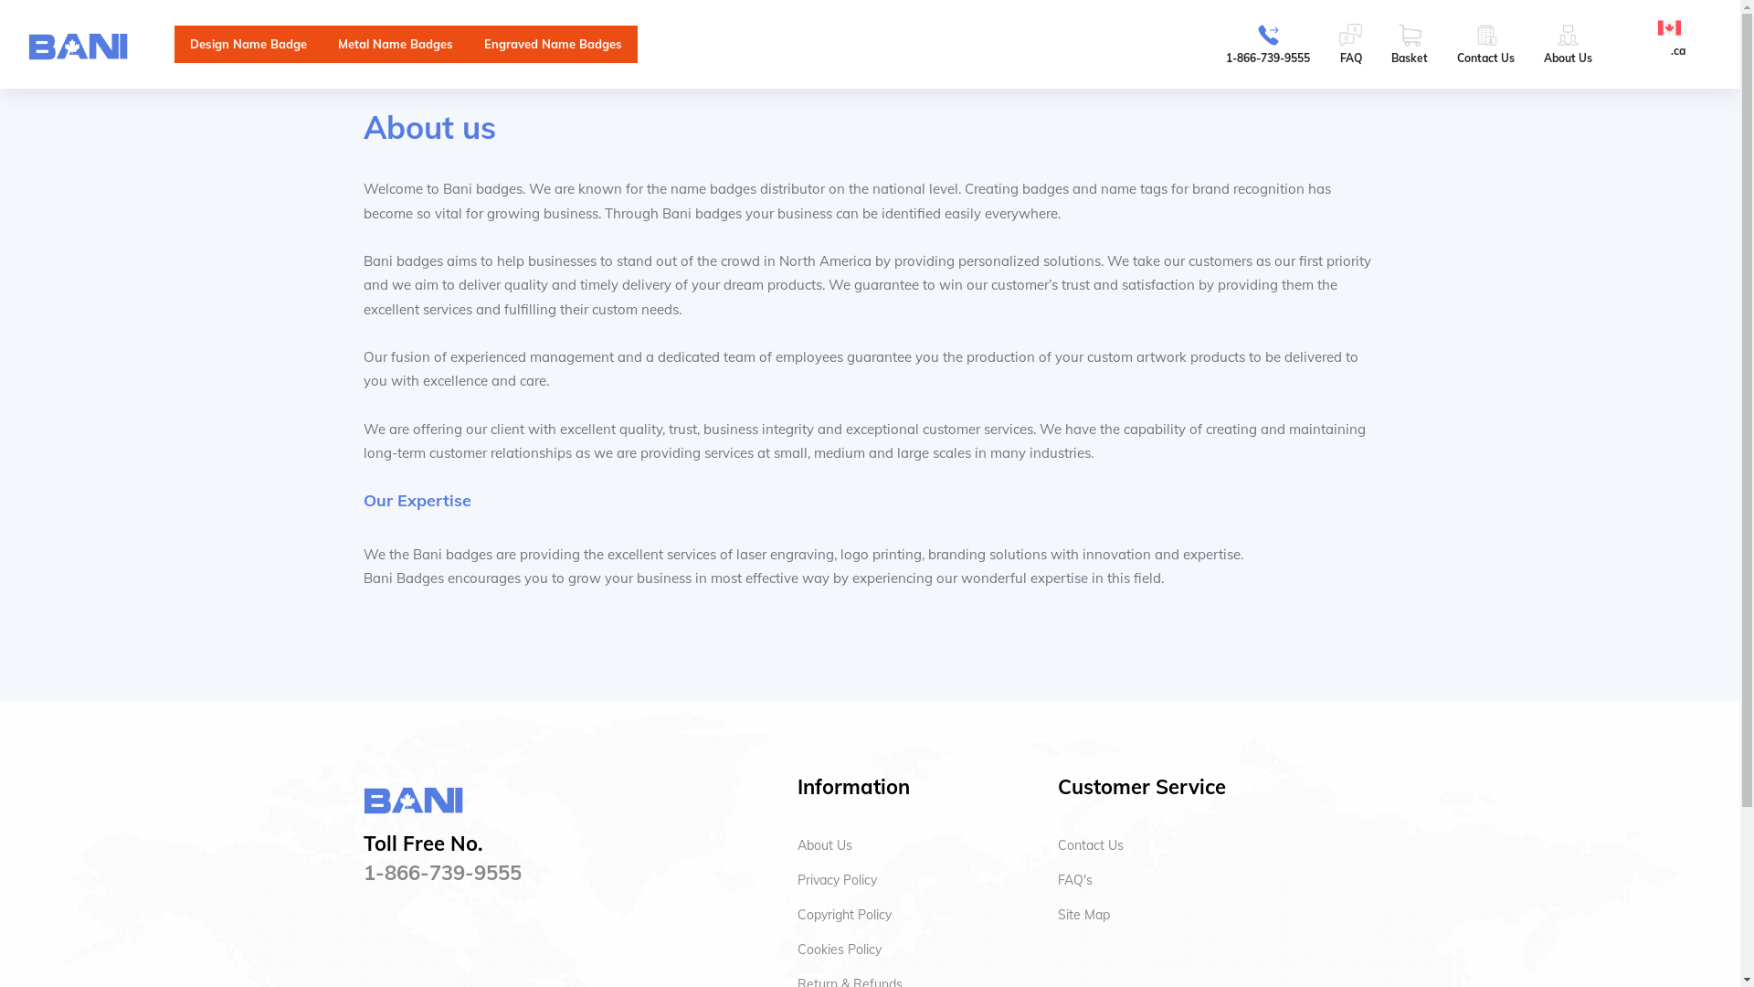  I want to click on 'Metal Name Badges', so click(394, 43).